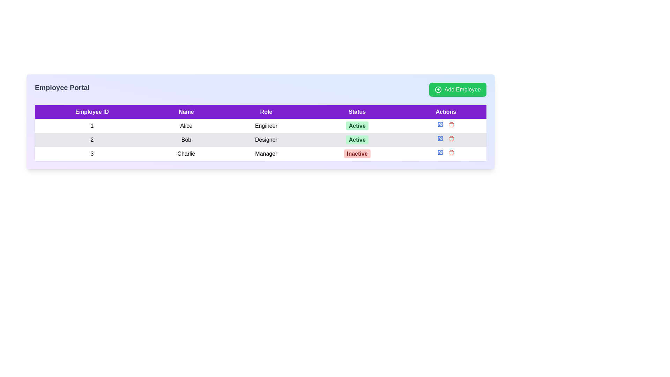 The width and height of the screenshot is (670, 377). I want to click on the red trash can icon in the rightmost column under the 'Actions' header of the table row, so click(451, 124).